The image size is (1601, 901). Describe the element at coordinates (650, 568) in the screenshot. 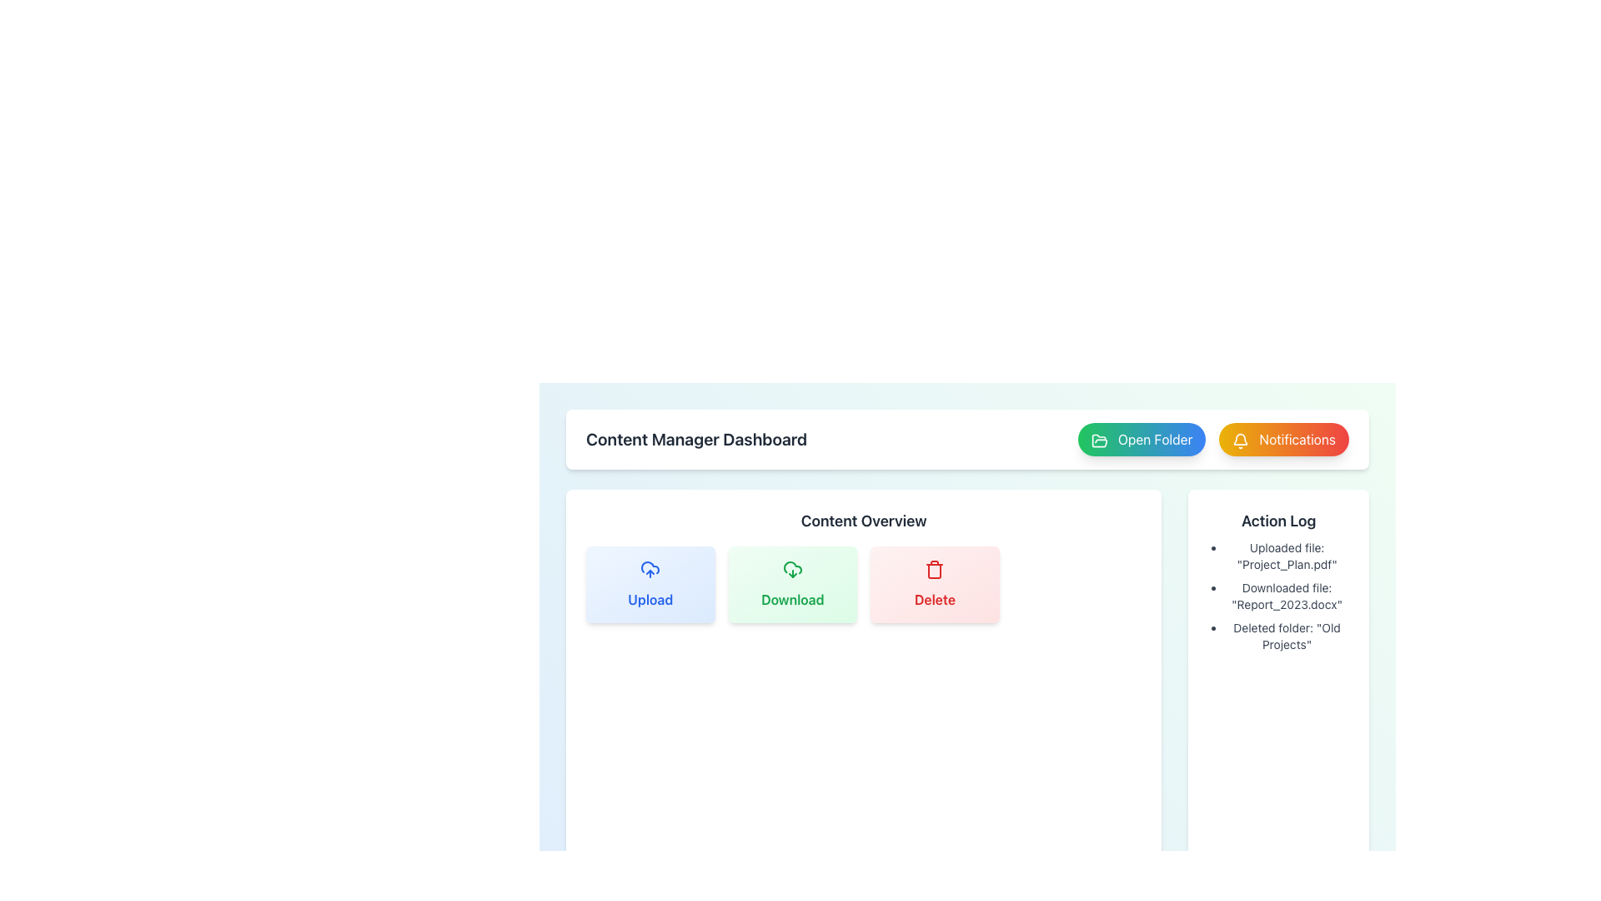

I see `the cloud-shaped icon with an upward arrow located within the blue 'Upload' button in the 'Content Overview' section` at that location.